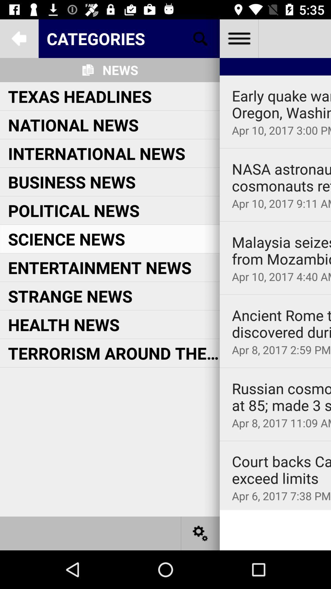 The image size is (331, 589). What do you see at coordinates (19, 38) in the screenshot?
I see `go back` at bounding box center [19, 38].